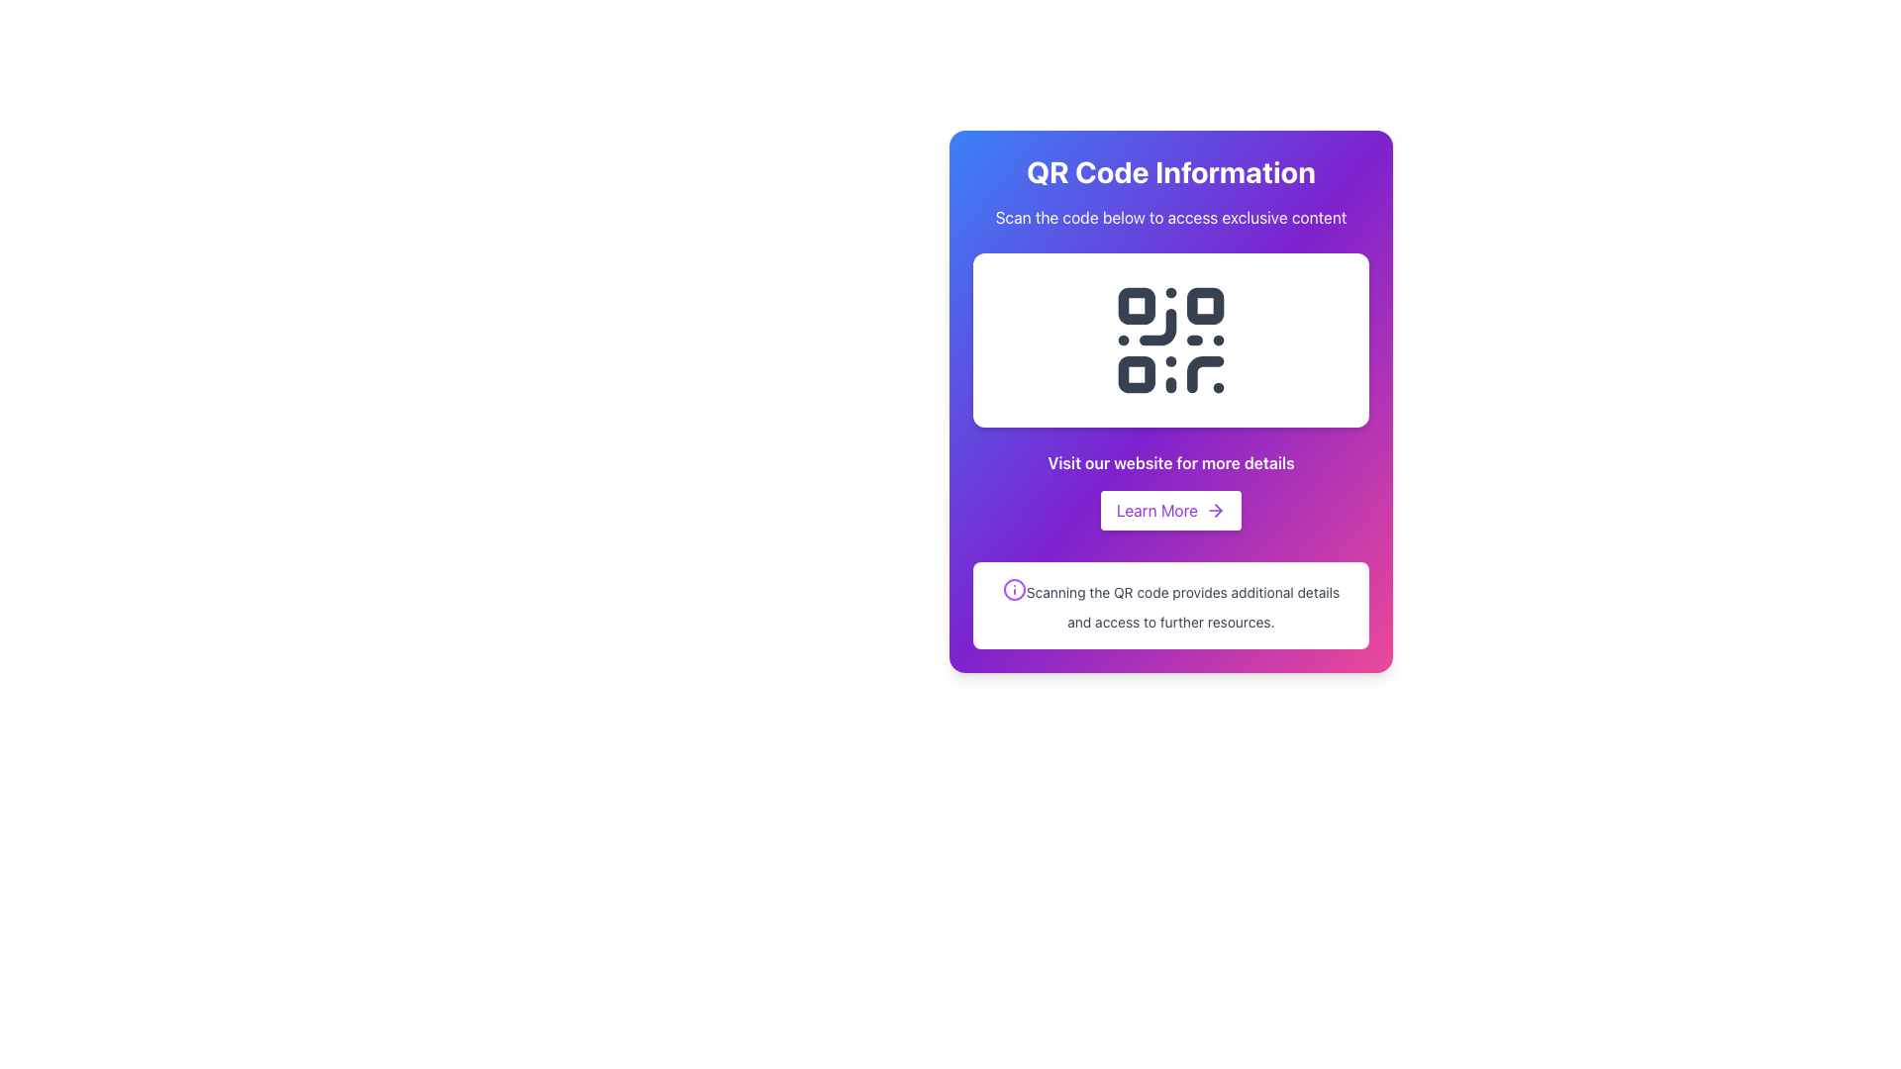 The image size is (1901, 1069). Describe the element at coordinates (1136, 305) in the screenshot. I see `the small black square-shaped graphical feature located in the top-left corner of the QR code for scanning` at that location.